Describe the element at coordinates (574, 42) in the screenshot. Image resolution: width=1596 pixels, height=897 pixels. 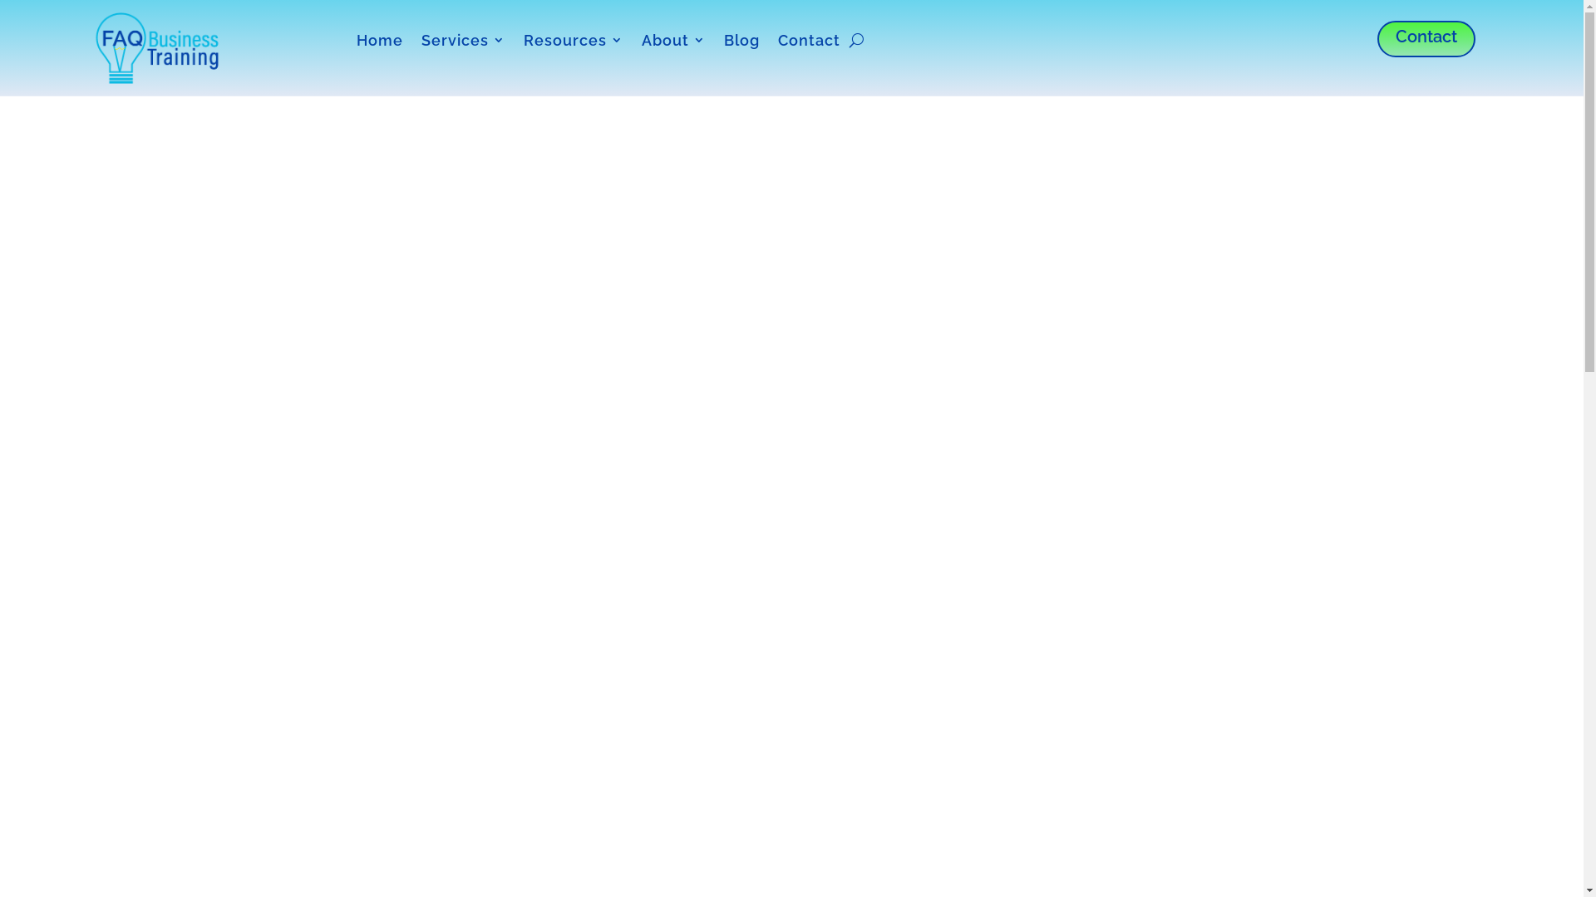
I see `'Resources'` at that location.